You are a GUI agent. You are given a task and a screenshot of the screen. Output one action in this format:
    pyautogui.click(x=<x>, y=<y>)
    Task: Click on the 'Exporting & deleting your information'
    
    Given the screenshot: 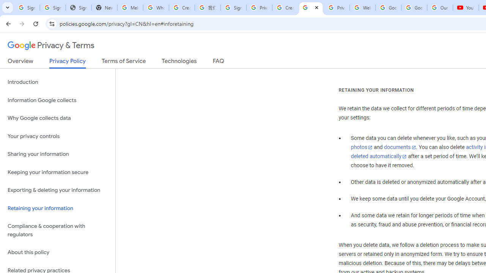 What is the action you would take?
    pyautogui.click(x=57, y=190)
    